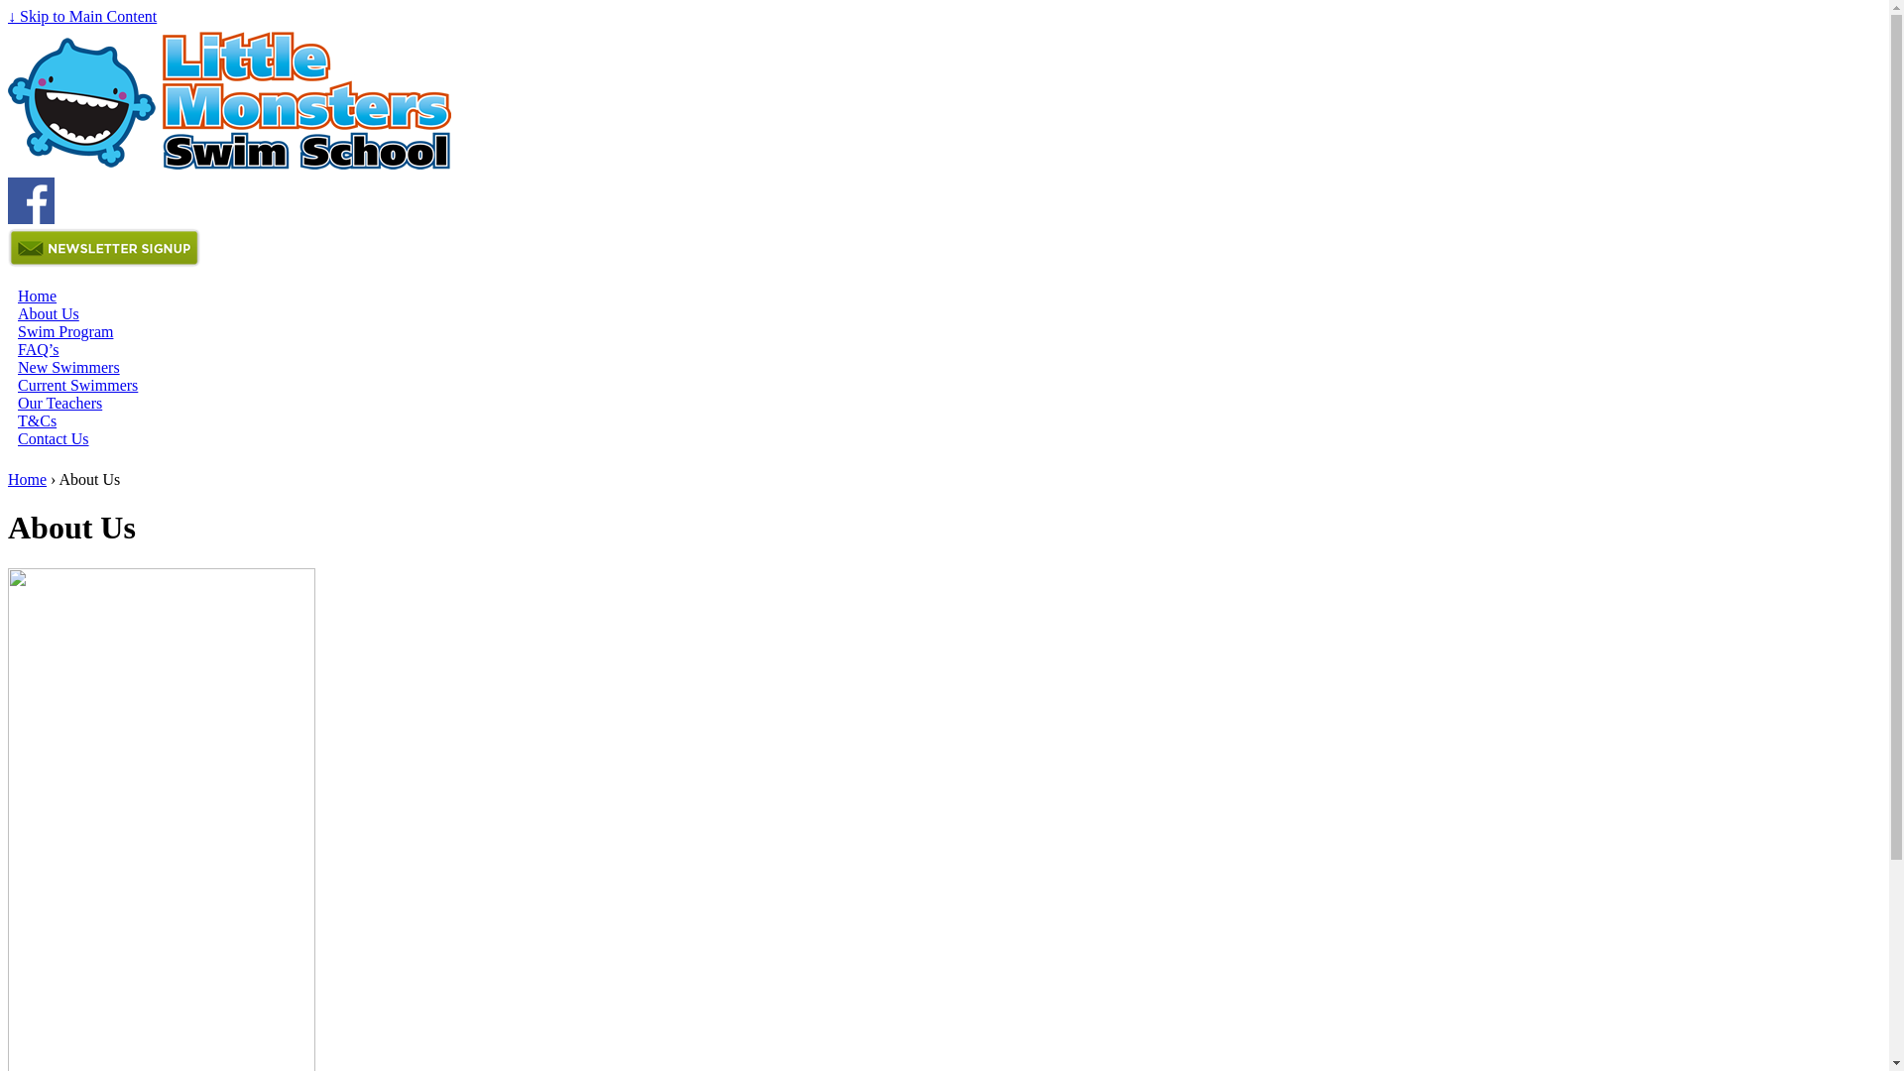 The image size is (1904, 1071). What do you see at coordinates (48, 312) in the screenshot?
I see `'About Us'` at bounding box center [48, 312].